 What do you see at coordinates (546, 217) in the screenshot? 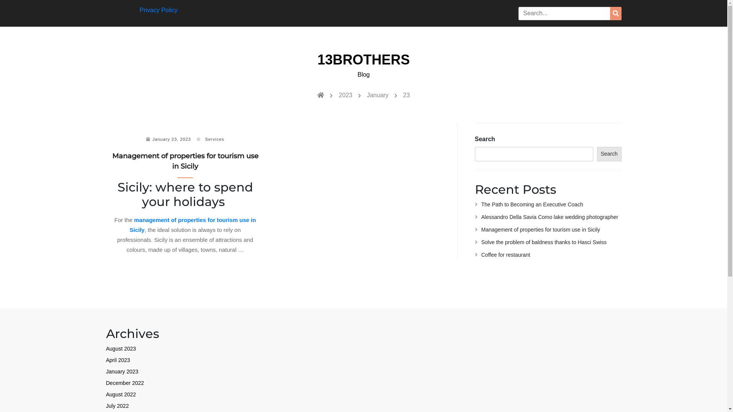
I see `'Alessandro Della Savia Como lake wedding photographer'` at bounding box center [546, 217].